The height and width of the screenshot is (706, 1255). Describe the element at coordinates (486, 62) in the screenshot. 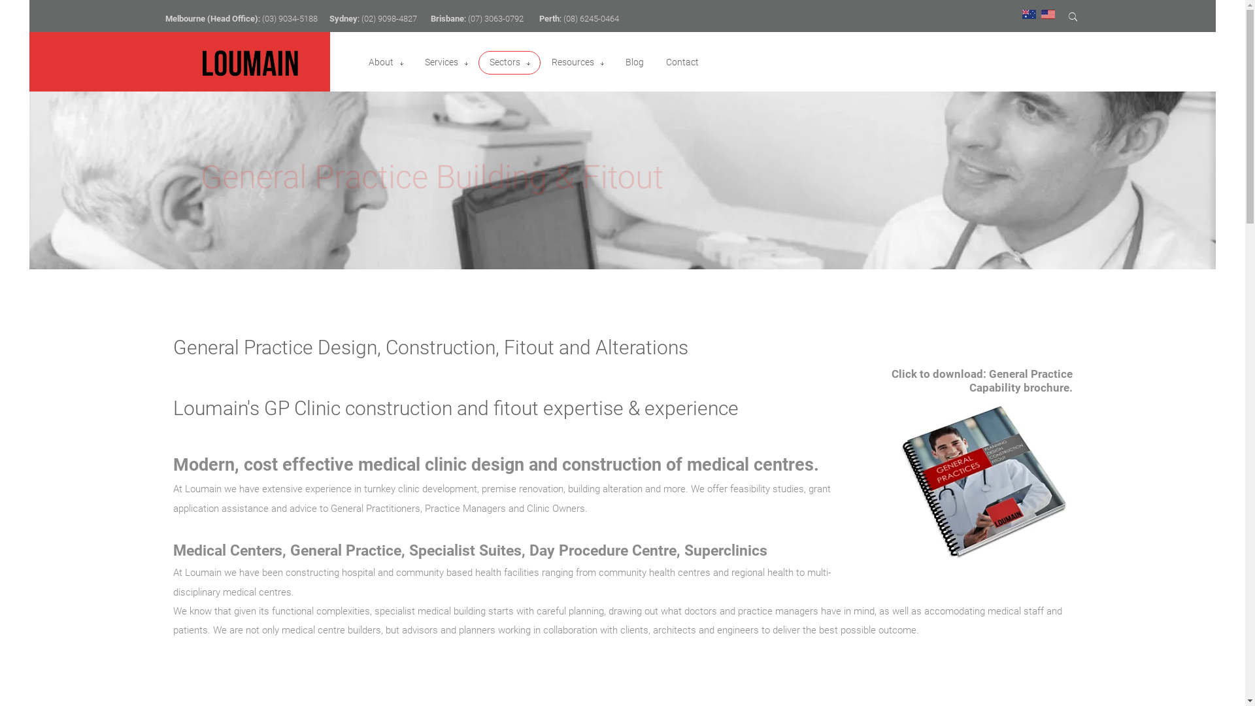

I see `'Sectors'` at that location.